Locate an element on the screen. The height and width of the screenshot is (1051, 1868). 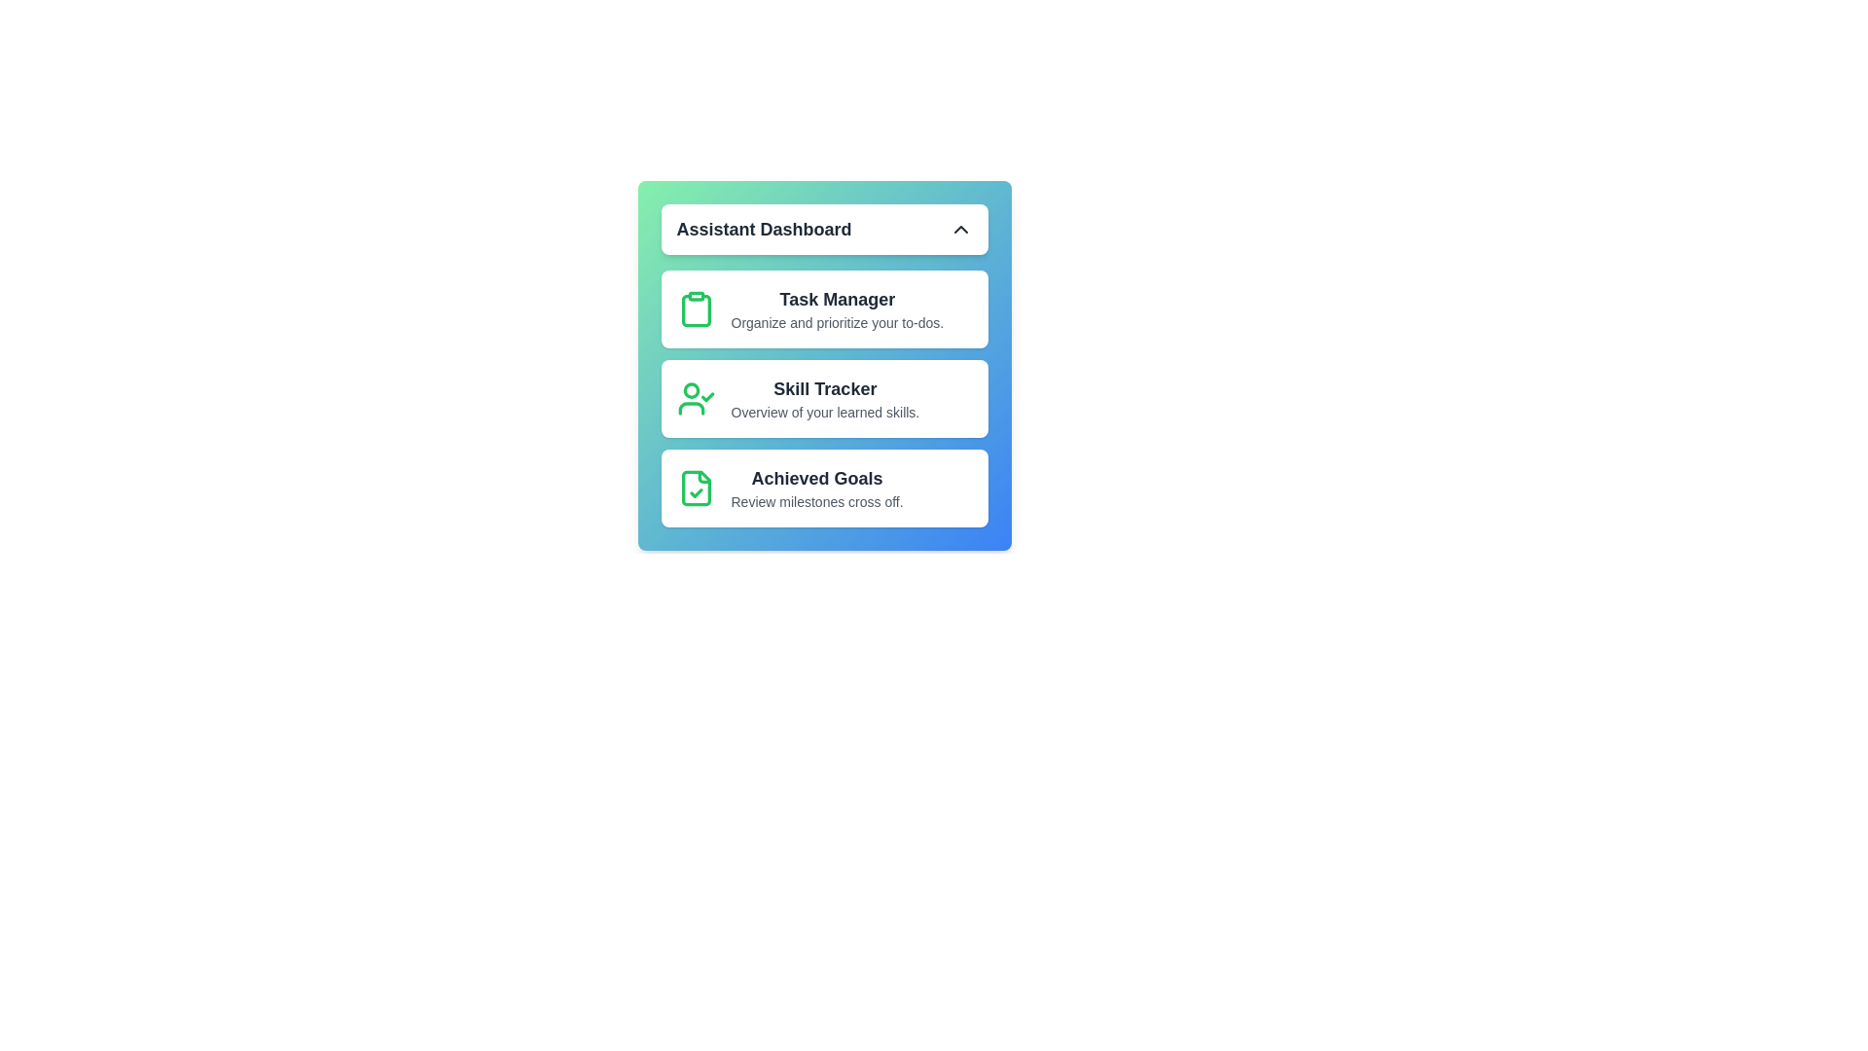
the option Skill Tracker to preview its effect is located at coordinates (824, 397).